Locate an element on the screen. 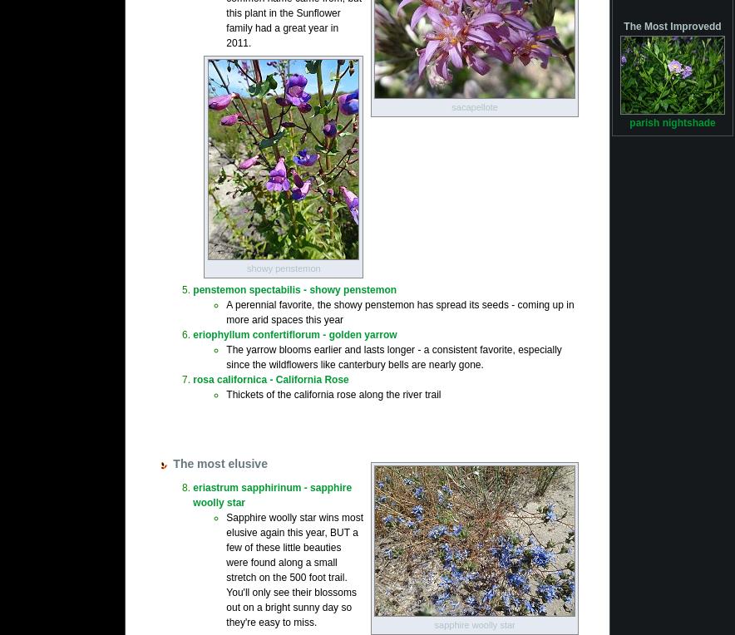 The width and height of the screenshot is (735, 635). 'sacapellote' is located at coordinates (473, 105).